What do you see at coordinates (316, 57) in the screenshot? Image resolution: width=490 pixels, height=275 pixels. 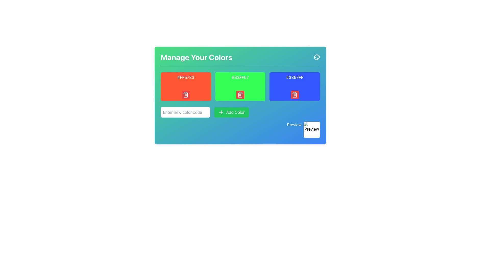 I see `the color palette management icon located at the top-right corner of the 'Manage Your Colors' card` at bounding box center [316, 57].